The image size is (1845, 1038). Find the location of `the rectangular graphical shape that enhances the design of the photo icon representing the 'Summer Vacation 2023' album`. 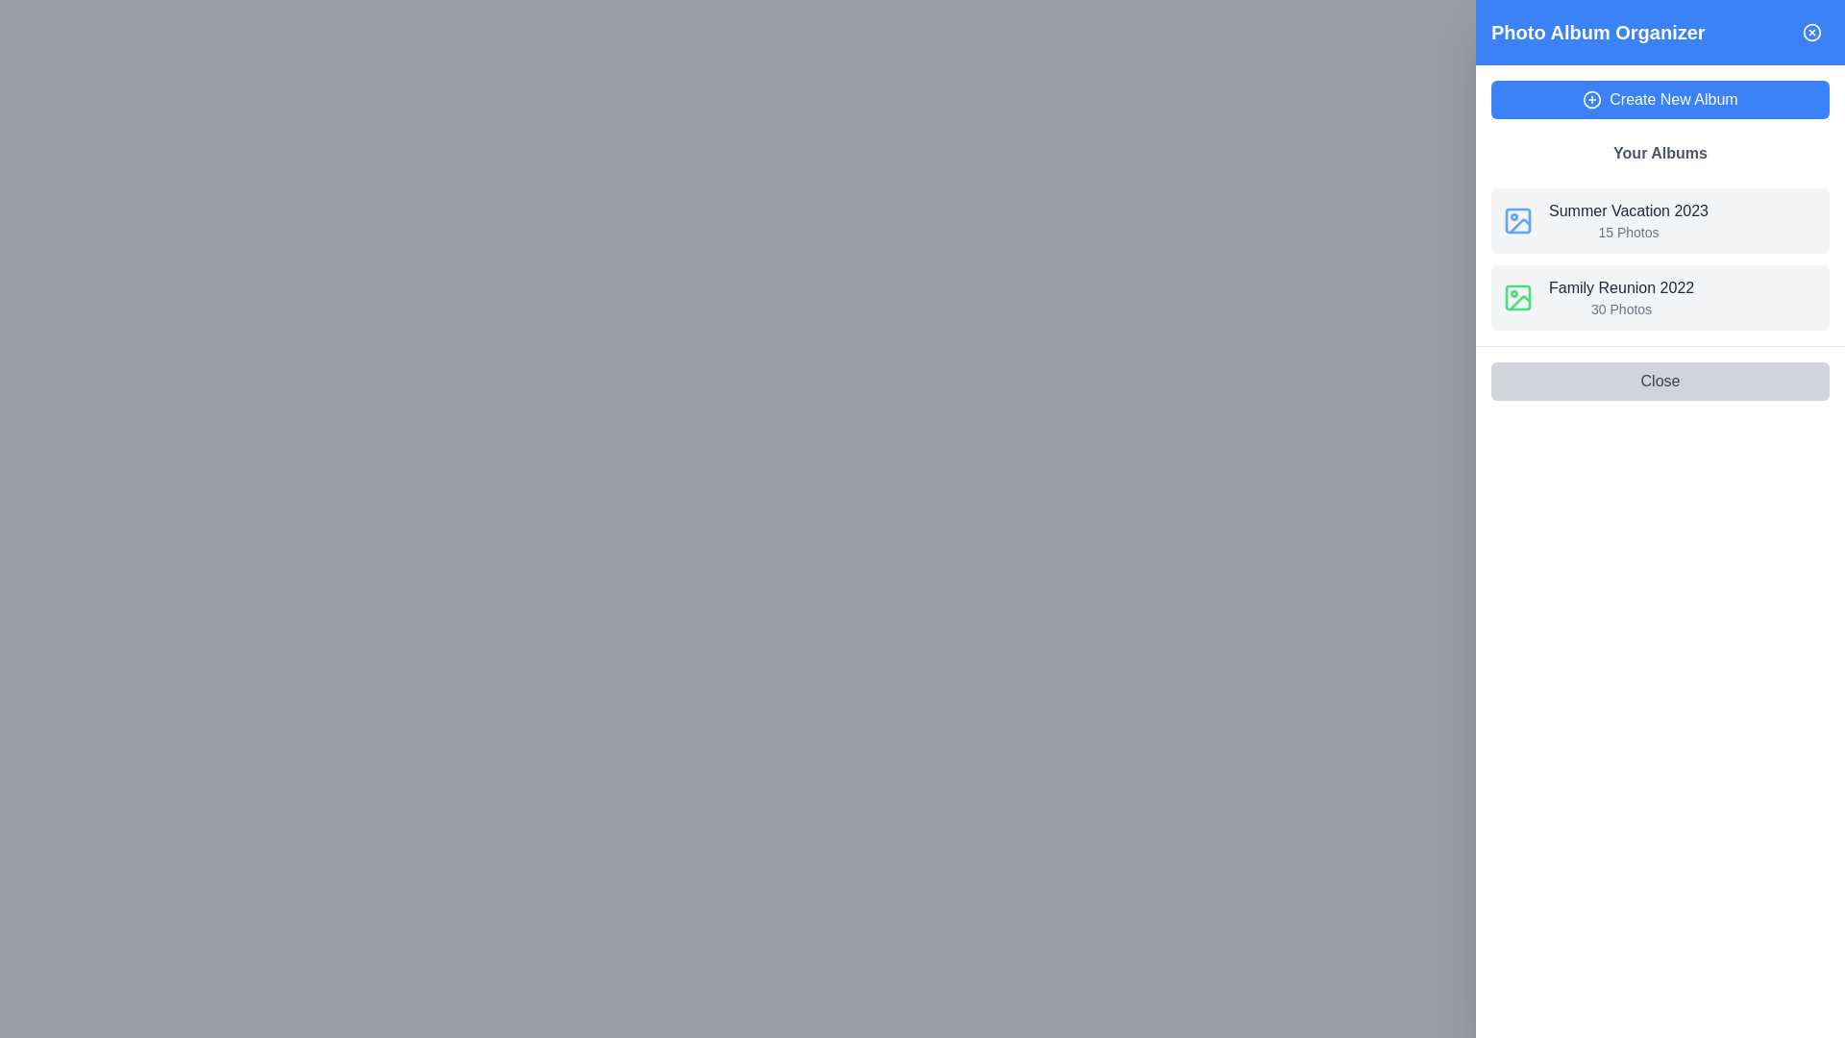

the rectangular graphical shape that enhances the design of the photo icon representing the 'Summer Vacation 2023' album is located at coordinates (1516, 220).